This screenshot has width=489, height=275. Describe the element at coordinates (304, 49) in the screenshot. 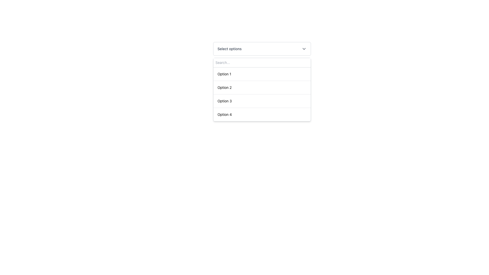

I see `the Chevron icon located at the right end of the 'Select options' dropdown button` at that location.